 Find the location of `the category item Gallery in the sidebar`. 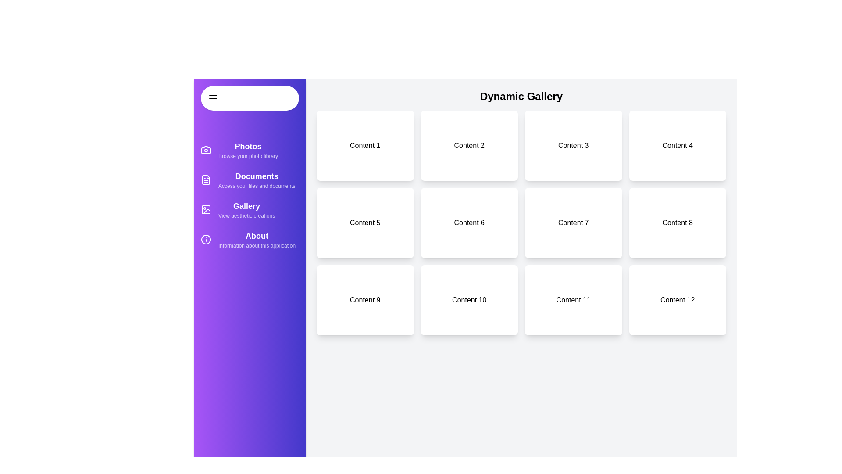

the category item Gallery in the sidebar is located at coordinates (250, 210).